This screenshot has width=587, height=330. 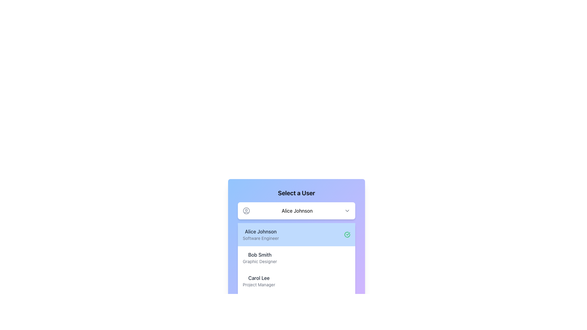 What do you see at coordinates (259, 281) in the screenshot?
I see `the information display for user 'Carol Lee', who is listed as the third user in the 'Select a User' section` at bounding box center [259, 281].